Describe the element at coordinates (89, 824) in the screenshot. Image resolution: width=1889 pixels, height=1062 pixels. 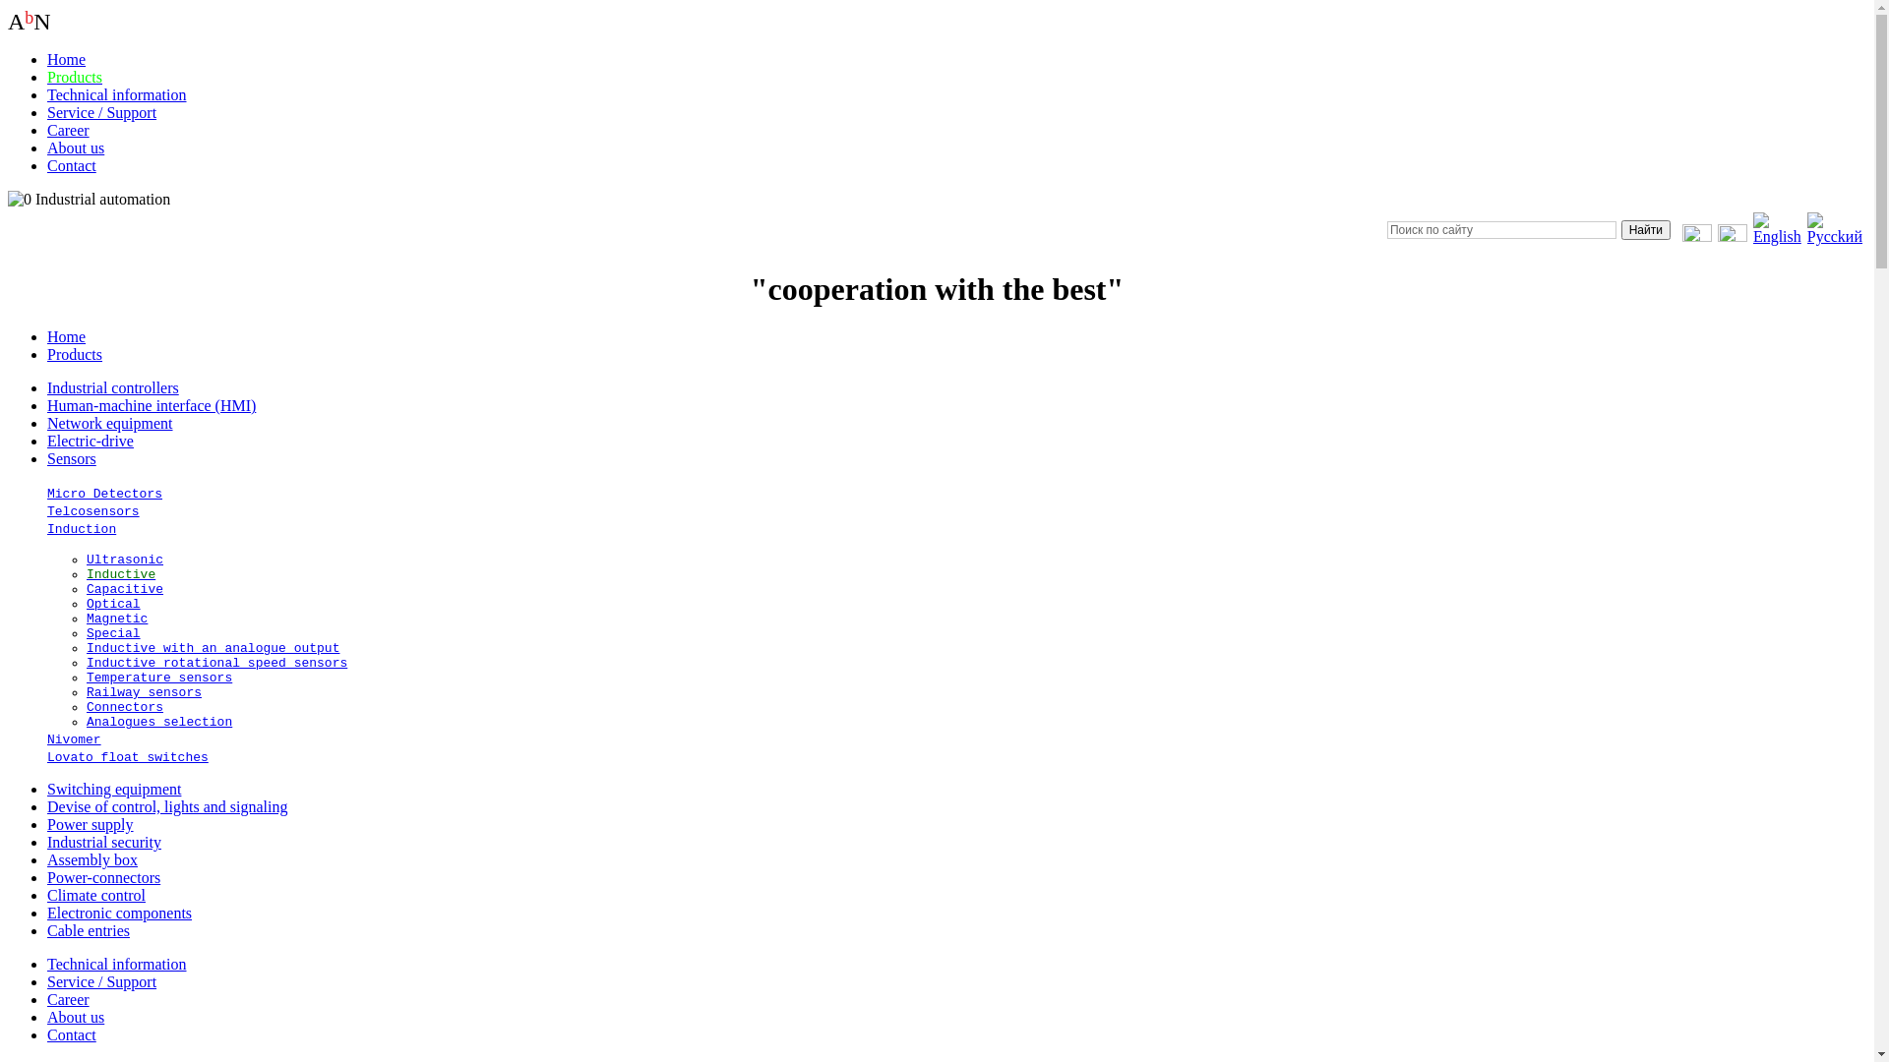
I see `'Power supply'` at that location.